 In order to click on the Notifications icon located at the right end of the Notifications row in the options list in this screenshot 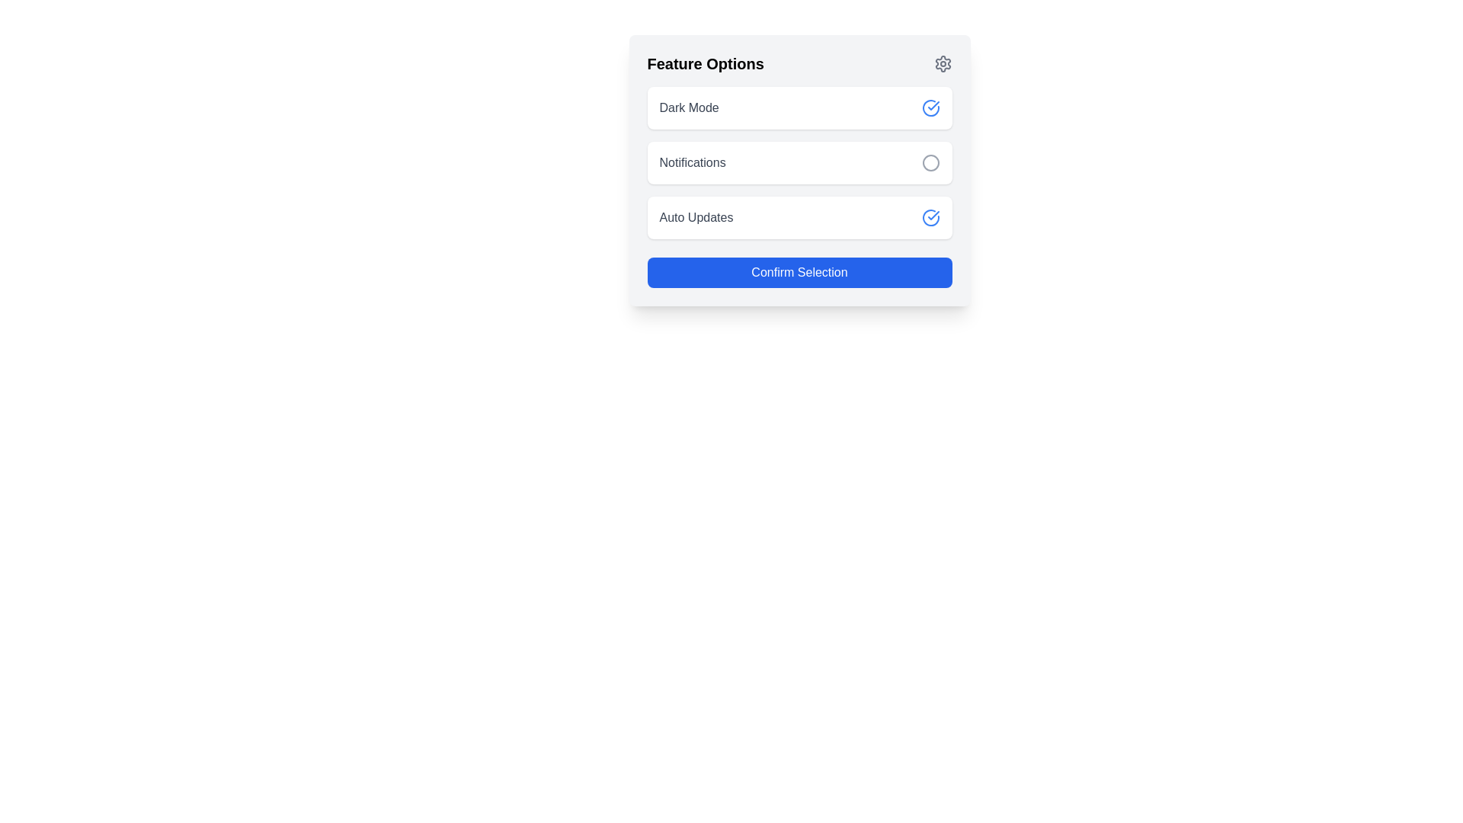, I will do `click(930, 162)`.